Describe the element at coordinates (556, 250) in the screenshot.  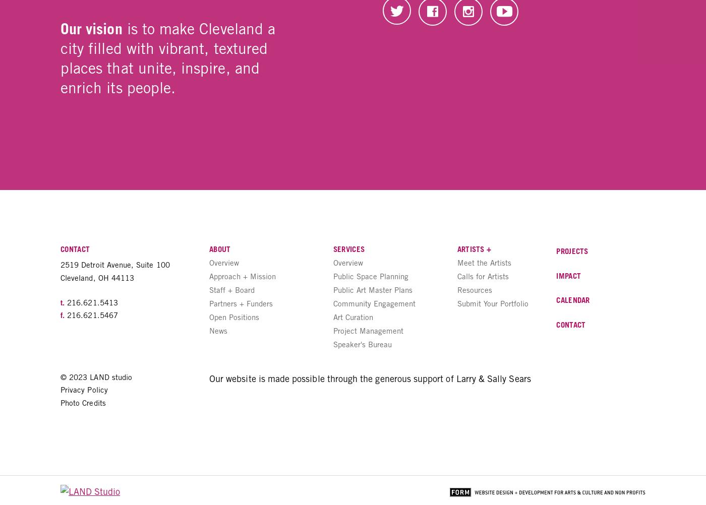
I see `'Projects'` at that location.